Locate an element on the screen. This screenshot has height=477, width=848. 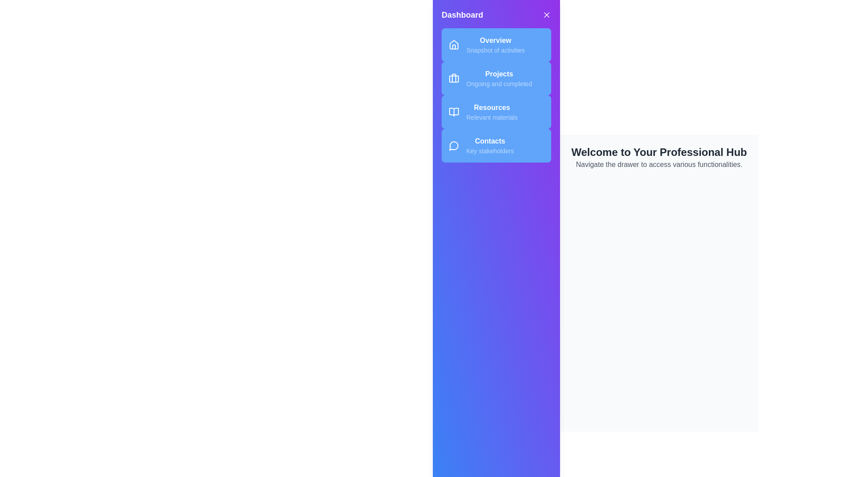
the menu item labeled Projects to observe its hover effect is located at coordinates (496, 78).